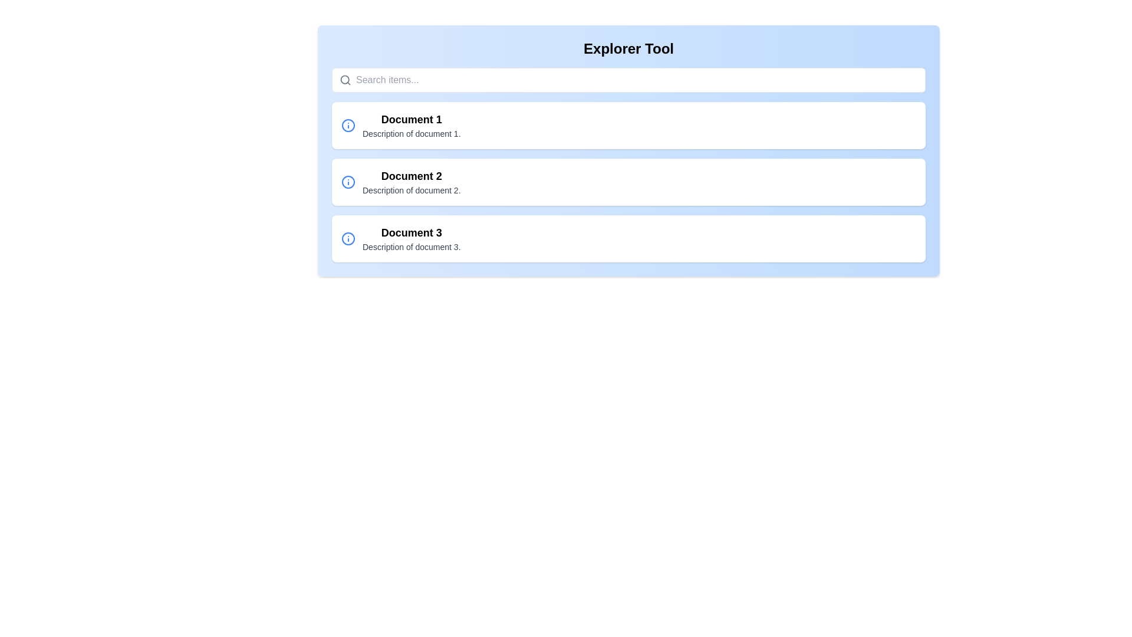 This screenshot has width=1132, height=637. Describe the element at coordinates (412, 182) in the screenshot. I see `the textual display component titled 'Document 2' which features a bold title and a lighter description, positioned in the 'Explorer Tool' section` at that location.